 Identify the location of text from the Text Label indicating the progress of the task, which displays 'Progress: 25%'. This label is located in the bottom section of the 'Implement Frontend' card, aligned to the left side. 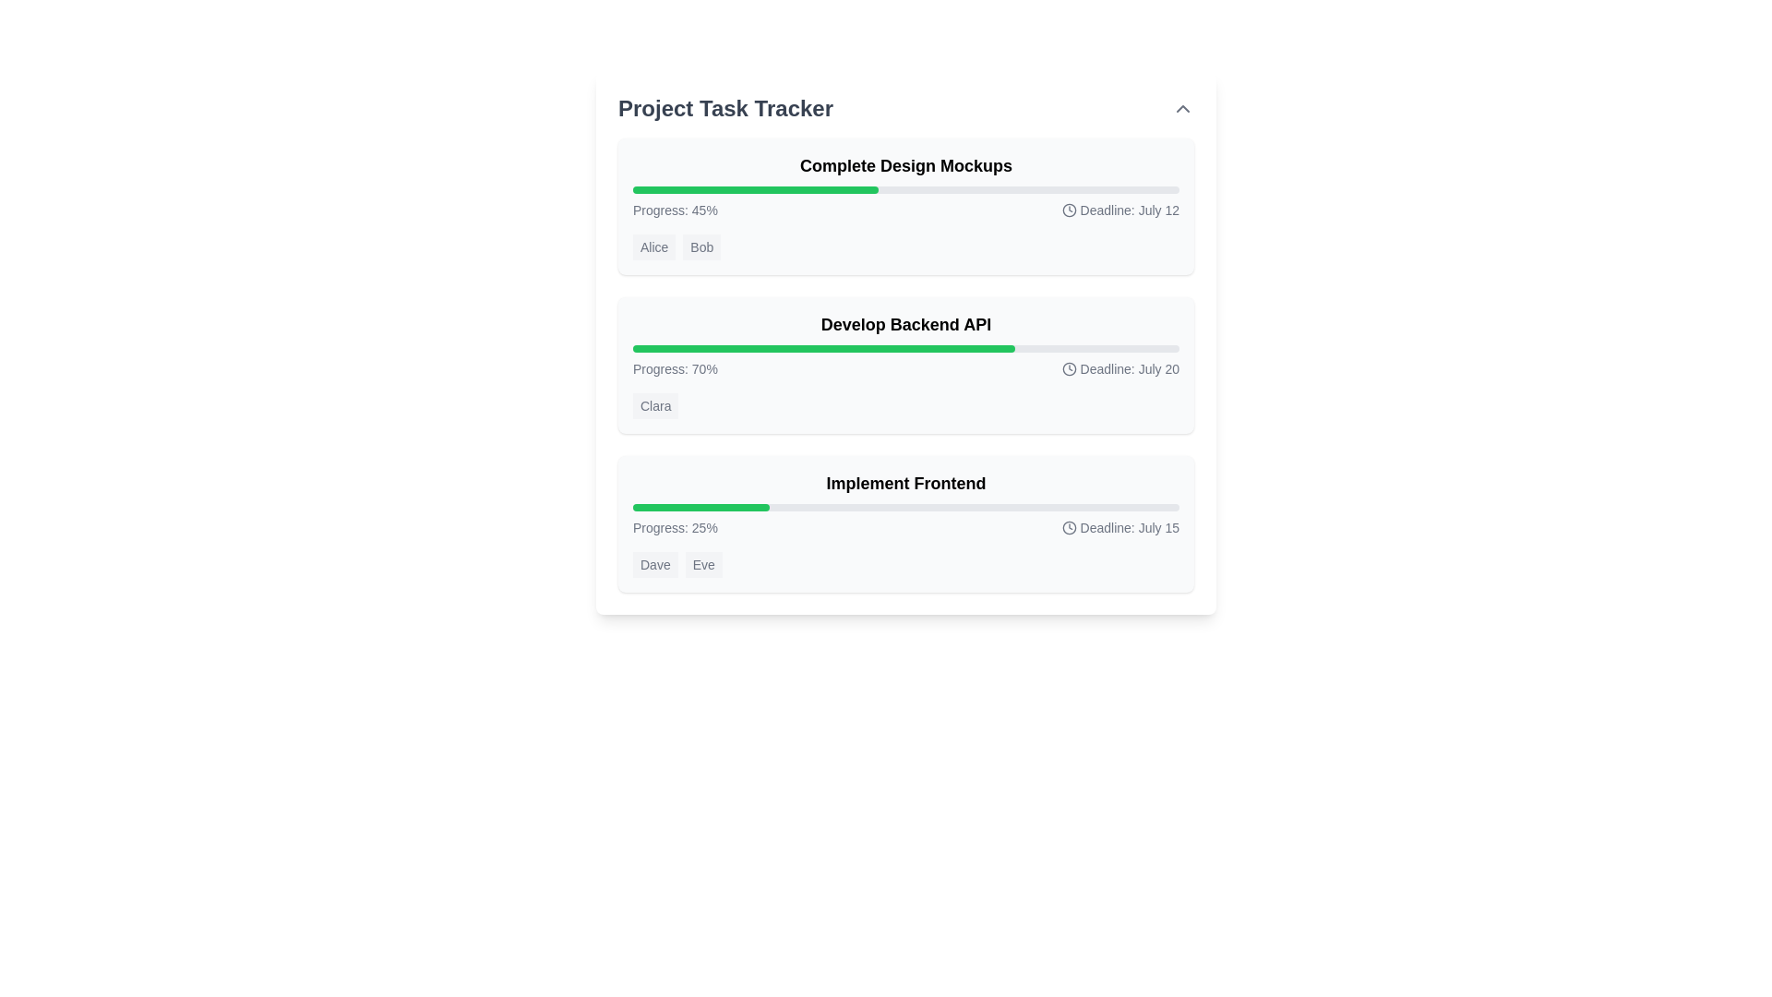
(674, 527).